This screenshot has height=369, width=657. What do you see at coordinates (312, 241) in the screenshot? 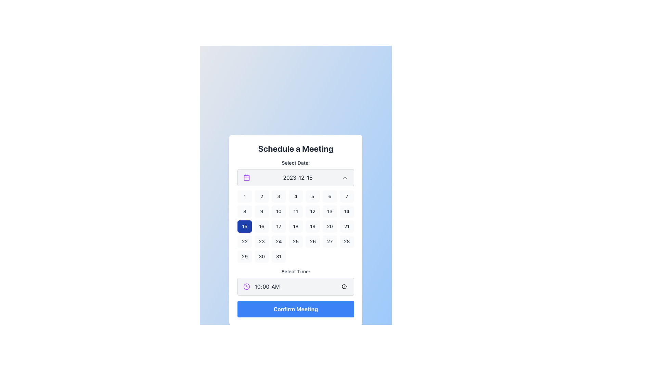
I see `the calendar date button displaying '26'` at bounding box center [312, 241].